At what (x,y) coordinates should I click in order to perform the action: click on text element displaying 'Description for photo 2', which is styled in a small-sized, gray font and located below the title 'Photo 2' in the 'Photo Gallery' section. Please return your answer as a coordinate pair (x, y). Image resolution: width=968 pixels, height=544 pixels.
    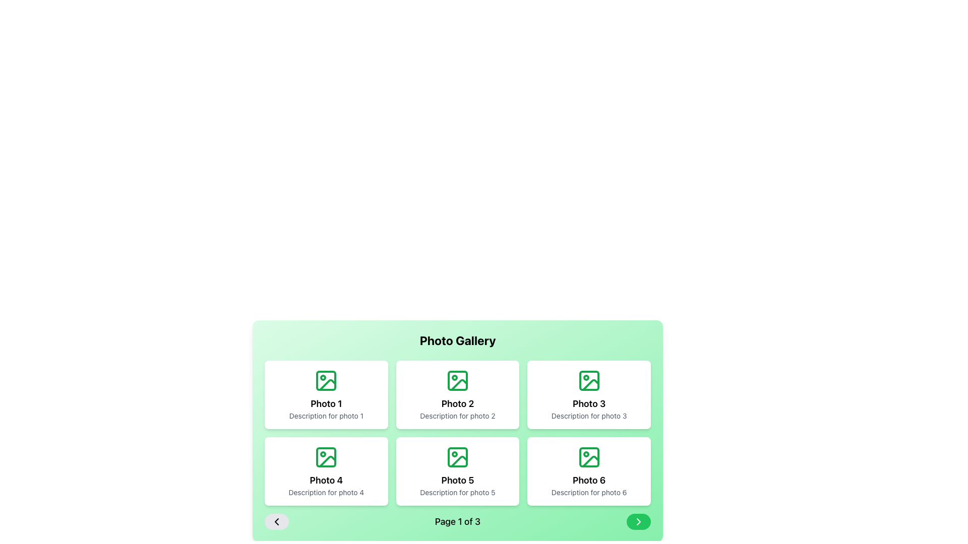
    Looking at the image, I should click on (457, 416).